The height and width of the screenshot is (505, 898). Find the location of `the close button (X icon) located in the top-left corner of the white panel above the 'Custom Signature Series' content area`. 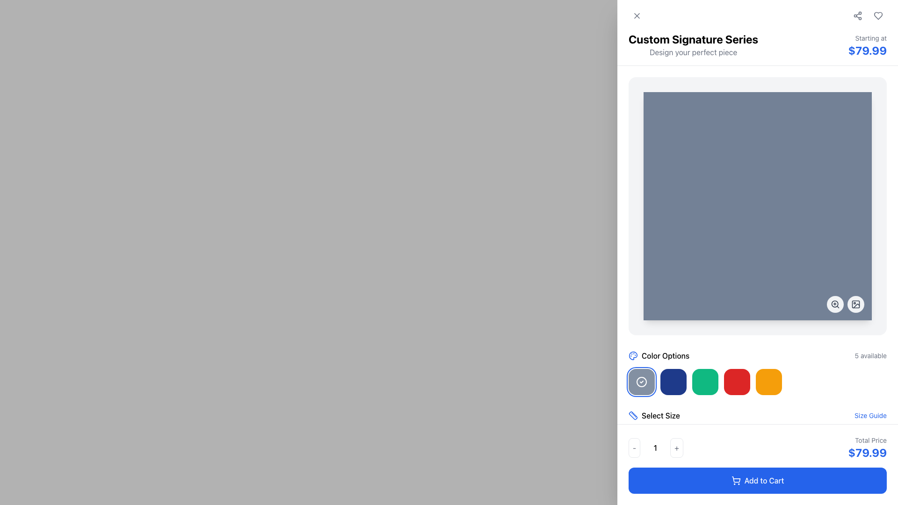

the close button (X icon) located in the top-left corner of the white panel above the 'Custom Signature Series' content area is located at coordinates (637, 16).